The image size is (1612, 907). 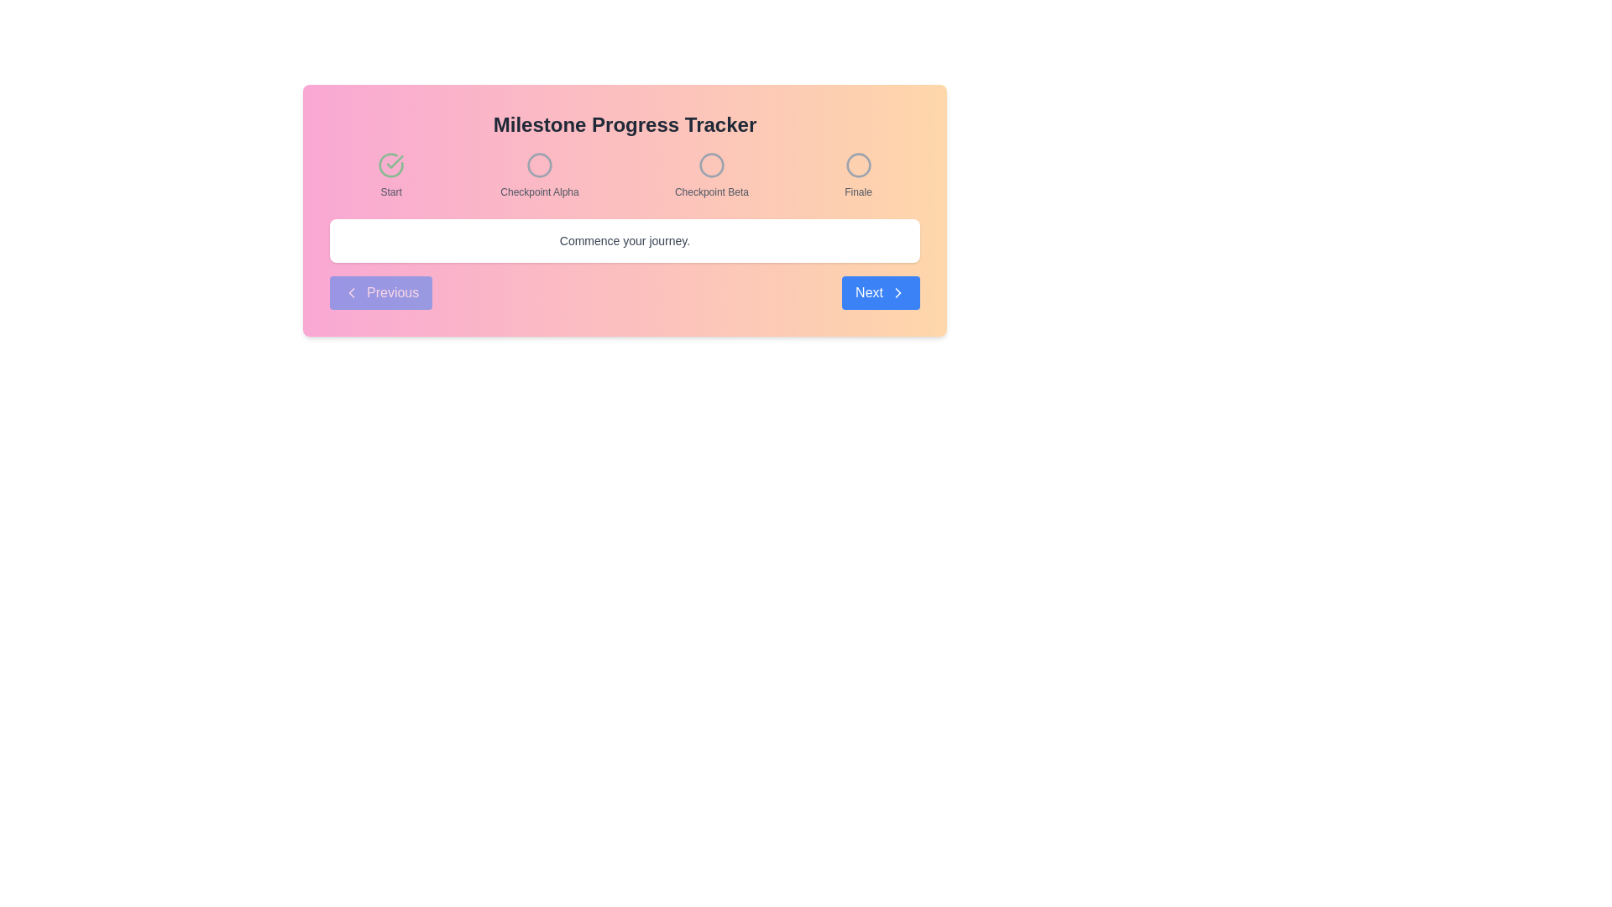 What do you see at coordinates (858, 175) in the screenshot?
I see `the milestone indicator labeled 'Finale', which consists of a circular icon with a thin outline above the text in a small gray font` at bounding box center [858, 175].